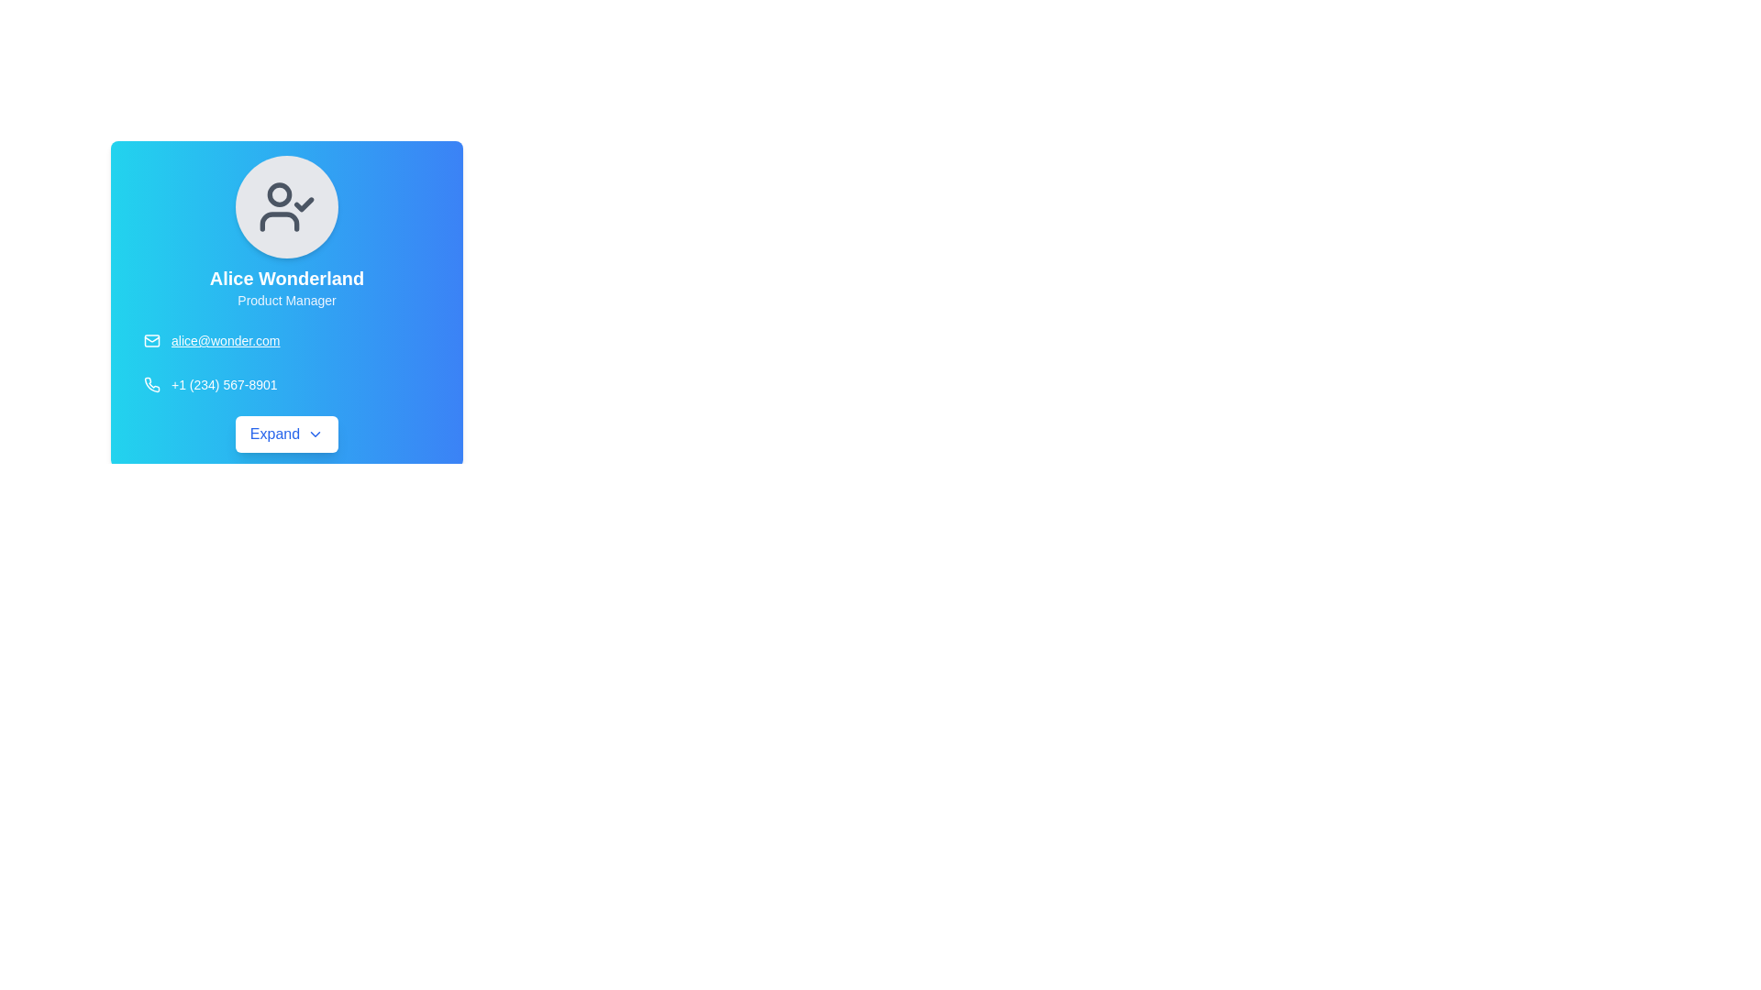 This screenshot has height=990, width=1761. Describe the element at coordinates (152, 340) in the screenshot. I see `the small envelope-shaped icon representing an email, which is located to the left of the email address 'alice@wonder.com'` at that location.